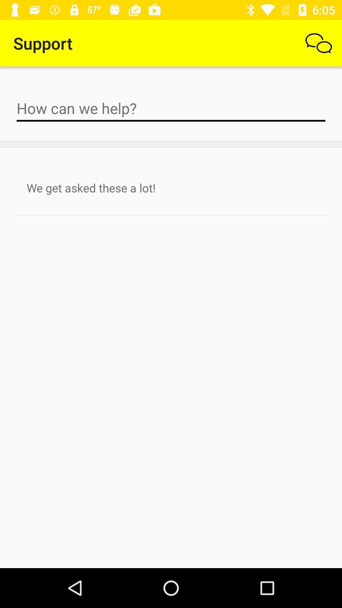 The image size is (342, 608). I want to click on the app next to support app, so click(319, 43).